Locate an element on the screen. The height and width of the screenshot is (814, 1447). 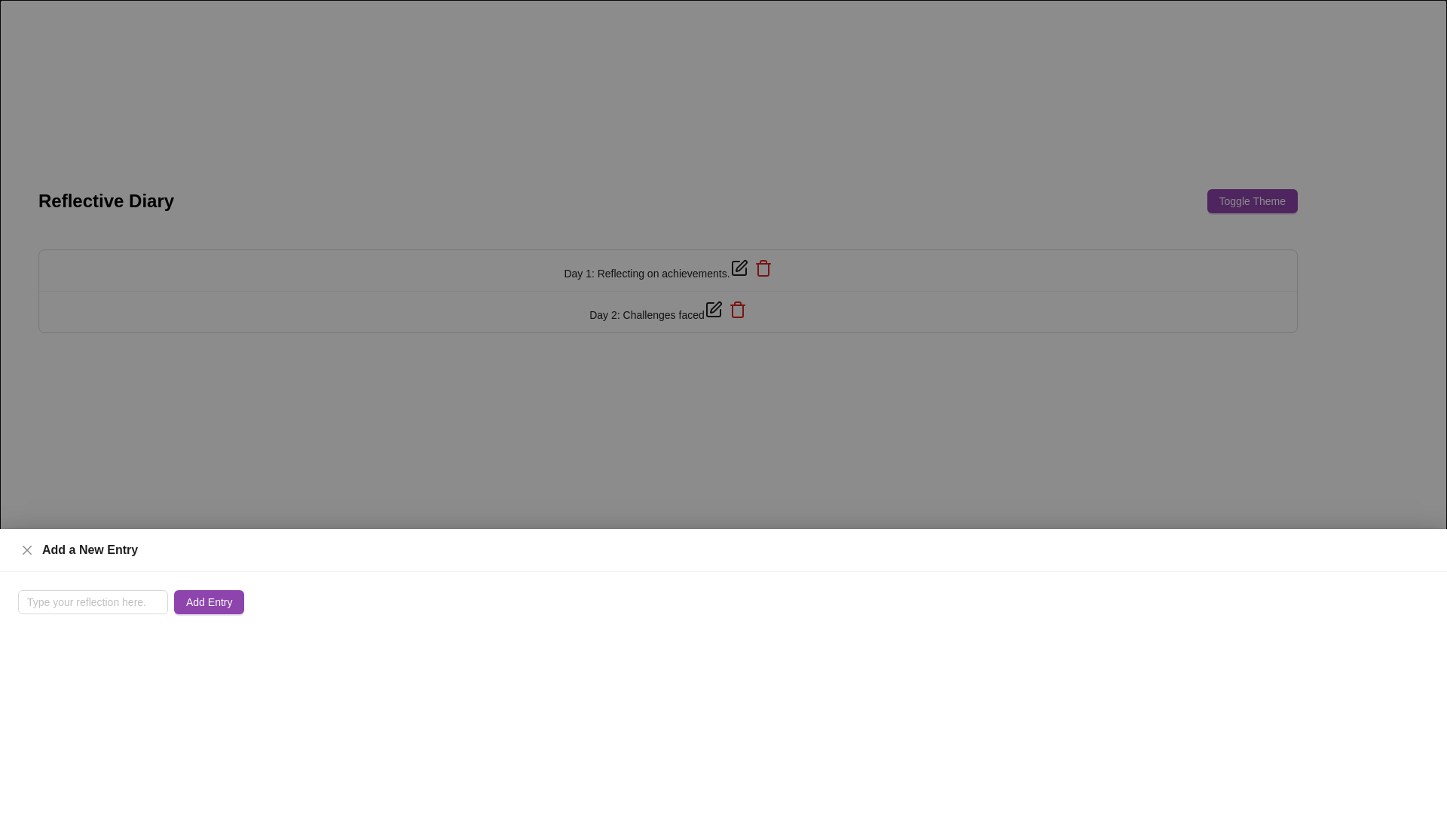
the edit icon, which is represented by a simple pencil, located to the left of the trash can icon in the action group for the item 'Day 1: Reflecting on achievements.' is located at coordinates (751, 267).